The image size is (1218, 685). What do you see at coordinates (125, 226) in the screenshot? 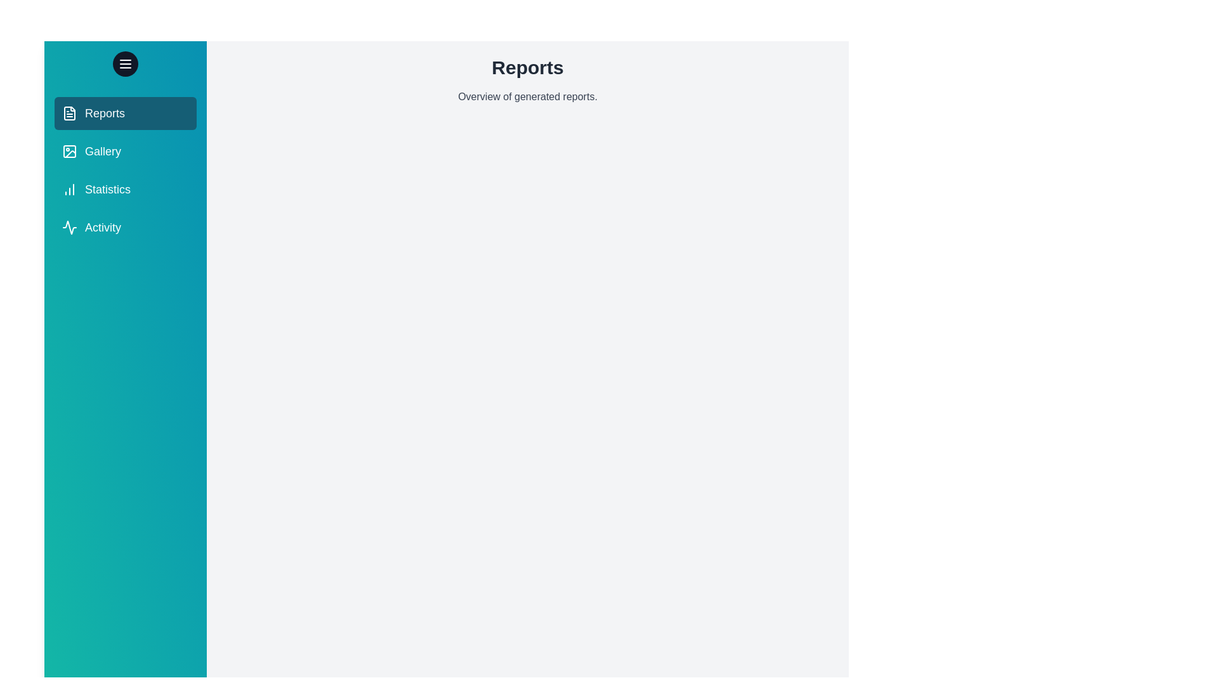
I see `the tab labeled Activity from the drawer menu` at bounding box center [125, 226].